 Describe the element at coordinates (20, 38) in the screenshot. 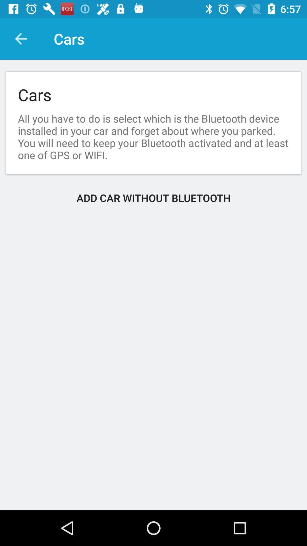

I see `item next to cars` at that location.